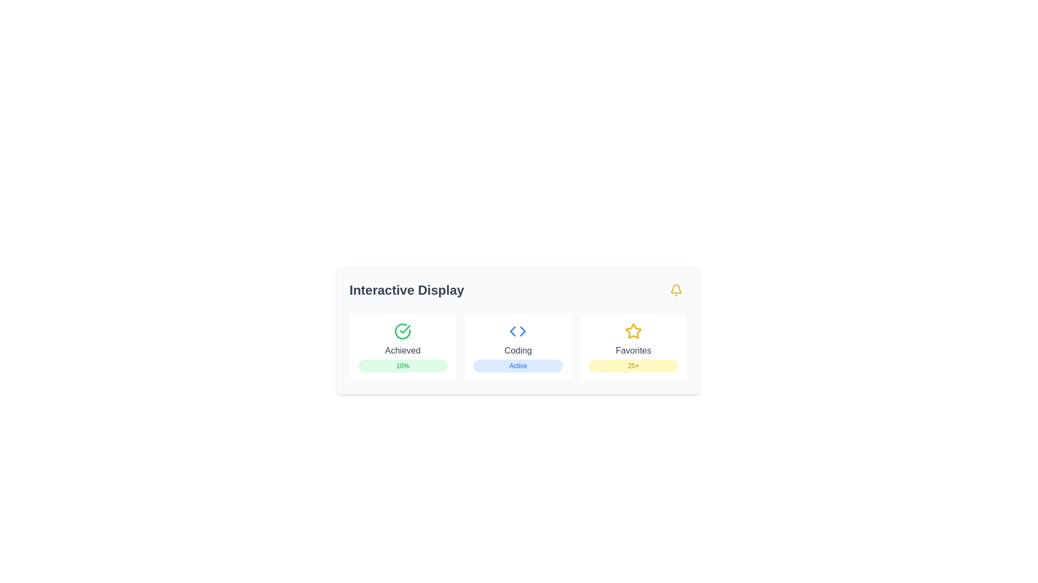 This screenshot has height=583, width=1038. Describe the element at coordinates (675, 289) in the screenshot. I see `the yellow bell-shaped icon at the top right corner of the card` at that location.